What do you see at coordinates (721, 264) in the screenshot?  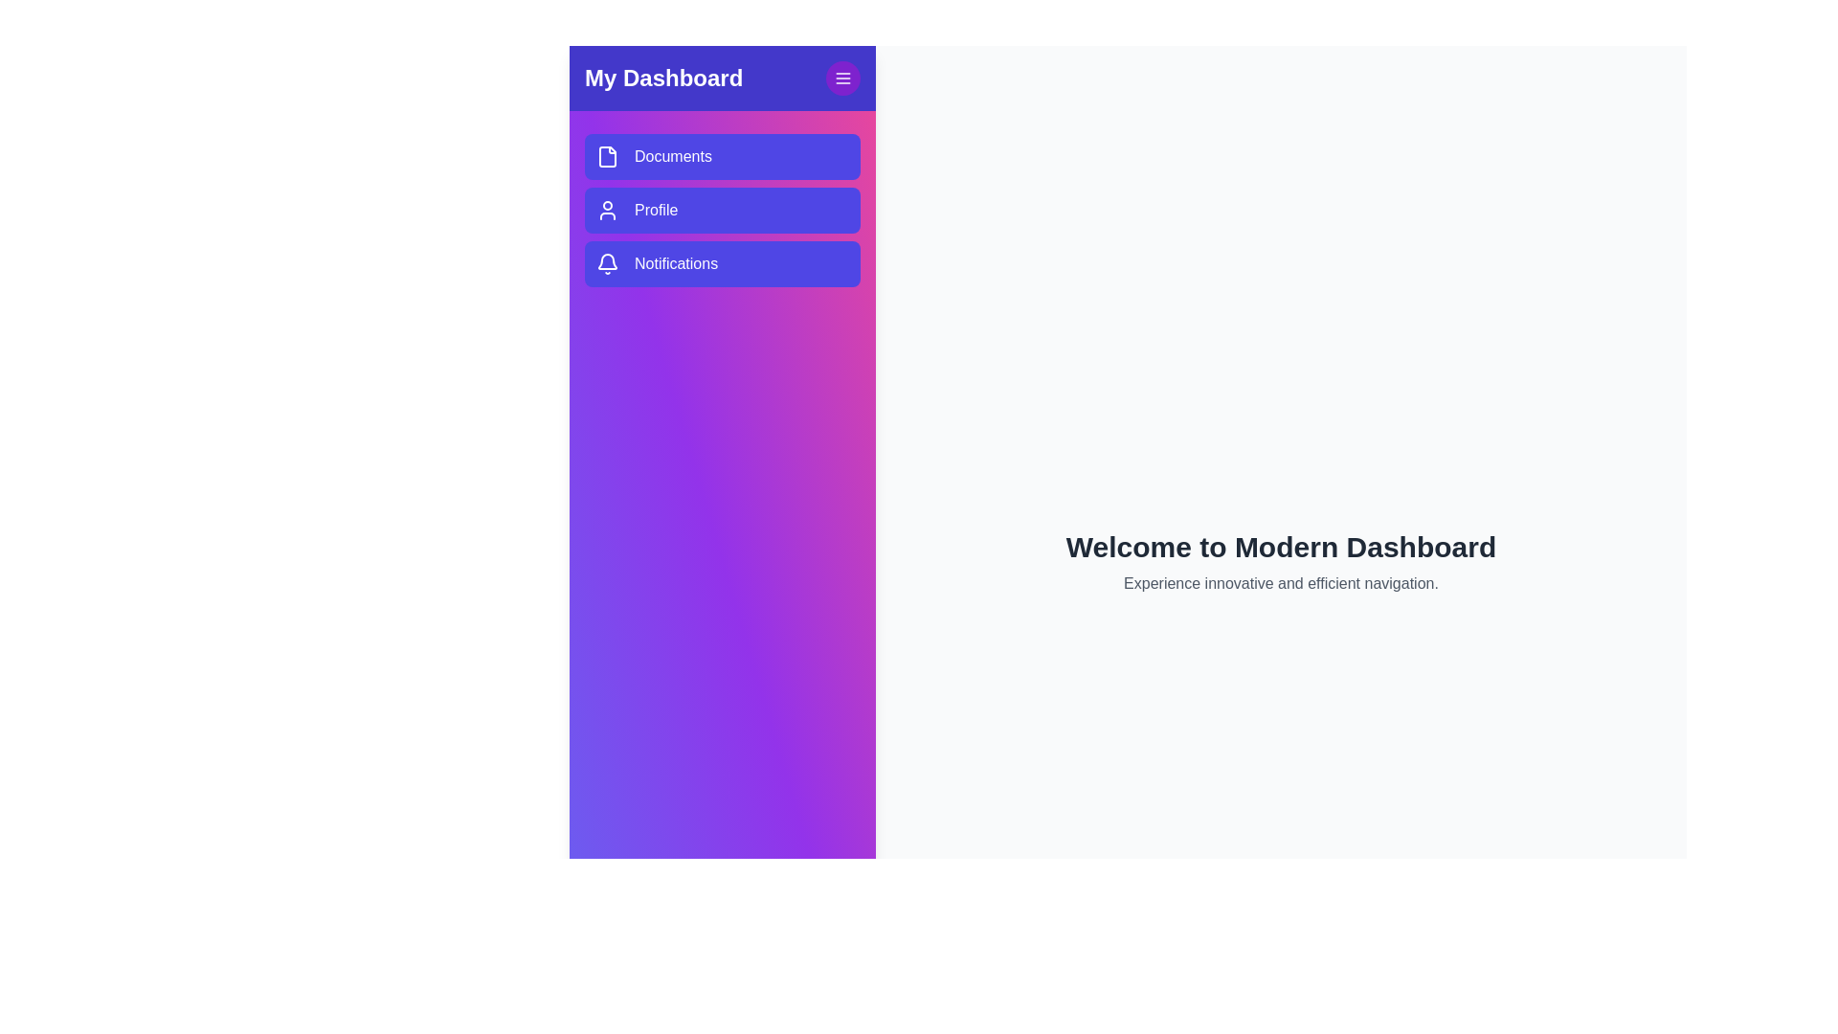 I see `the 'Notifications' button to open the notifications section` at bounding box center [721, 264].